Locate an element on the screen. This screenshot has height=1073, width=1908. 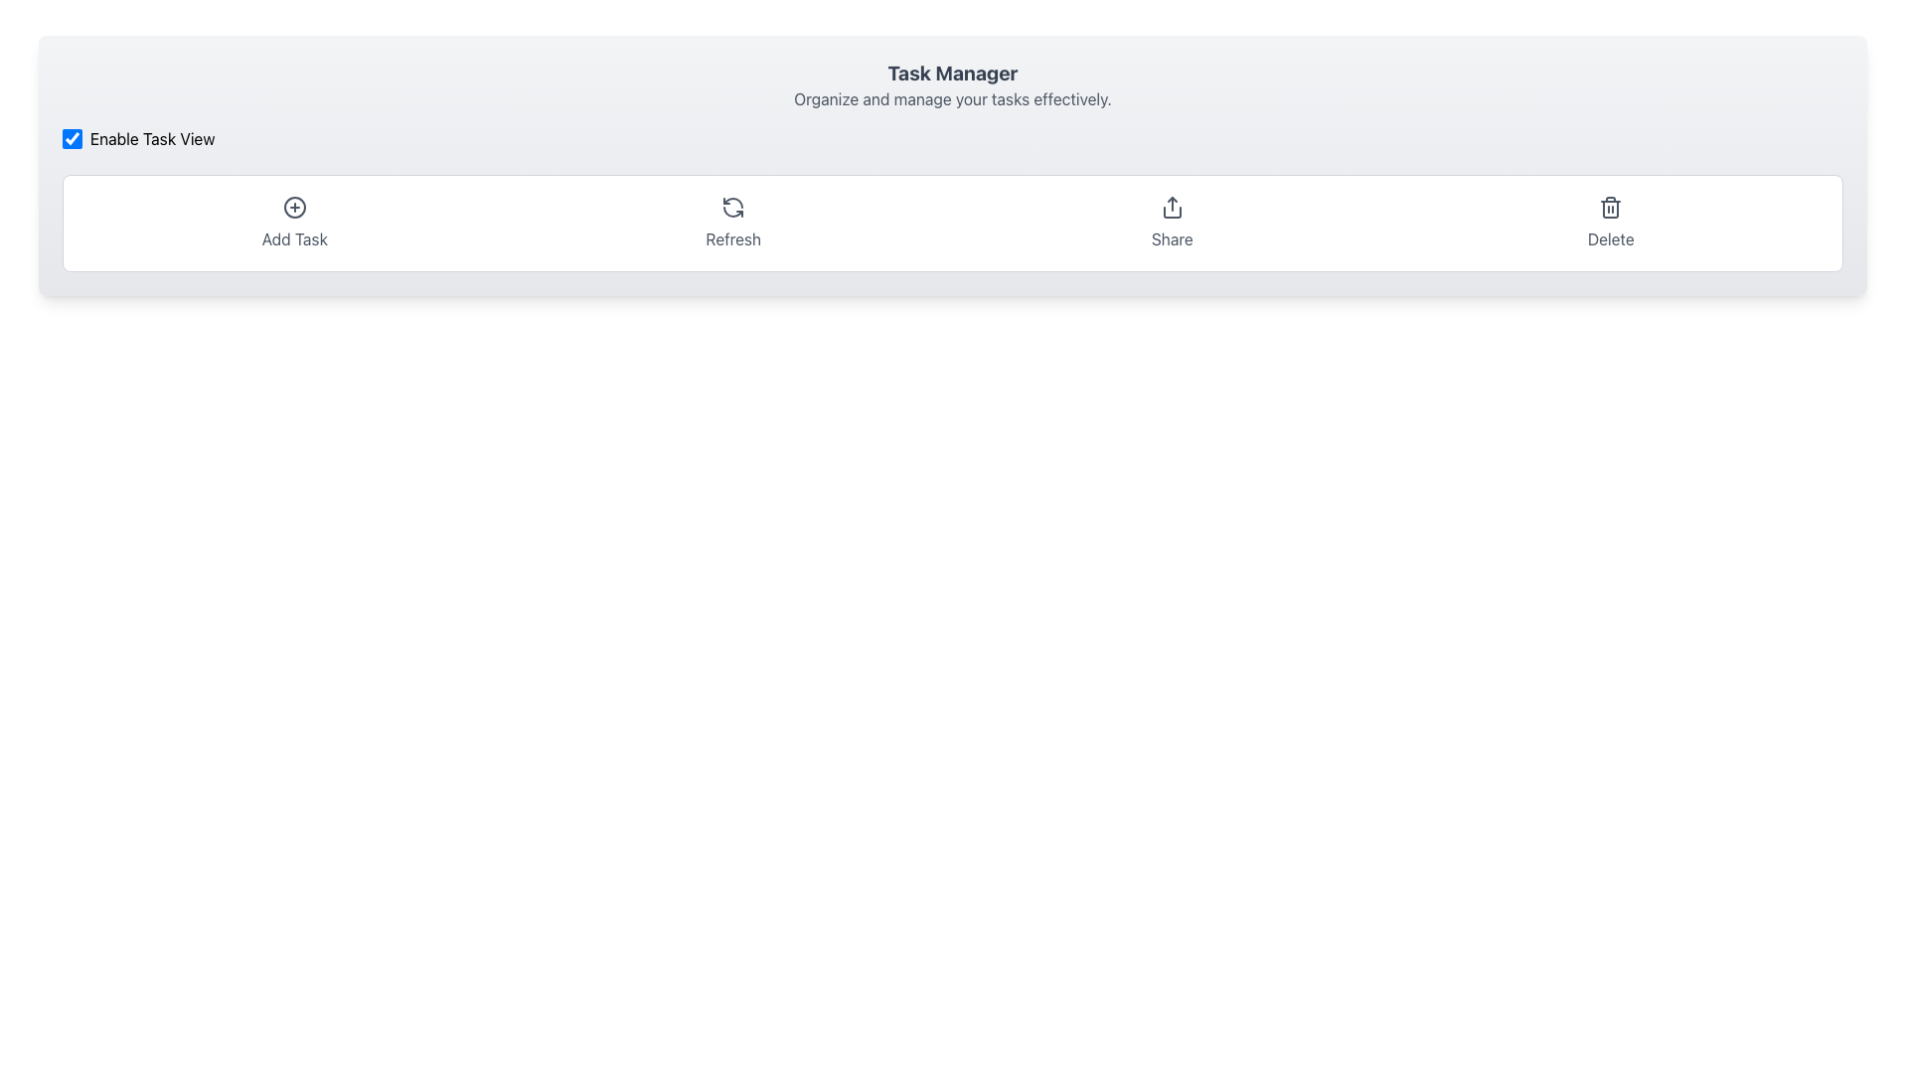
the circular '+' icon located in the task manager toolbar, which is the first interactive icon from the left is located at coordinates (293, 207).